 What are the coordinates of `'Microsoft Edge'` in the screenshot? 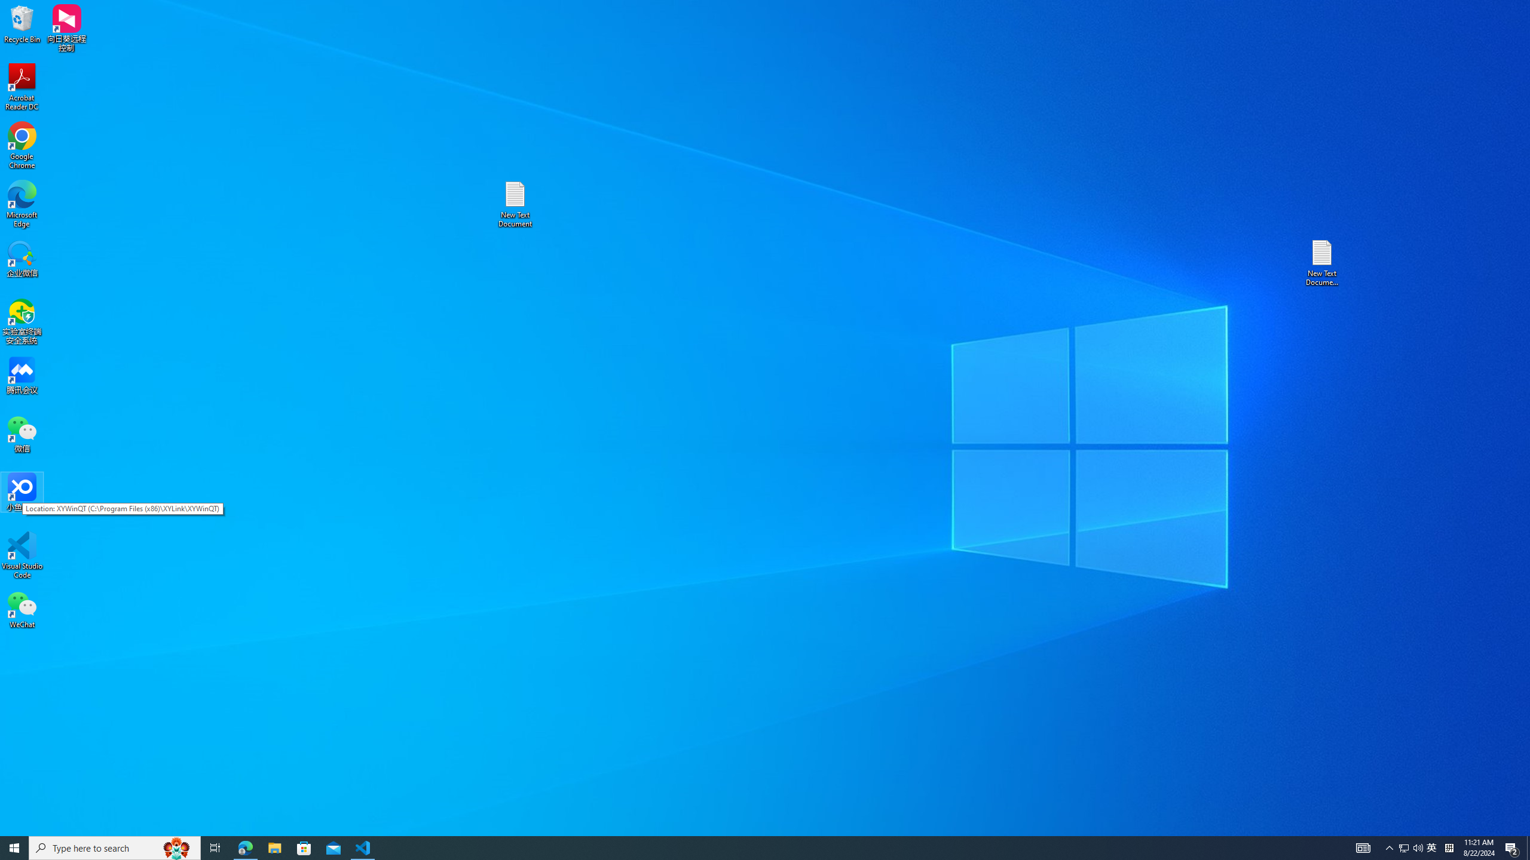 It's located at (22, 204).